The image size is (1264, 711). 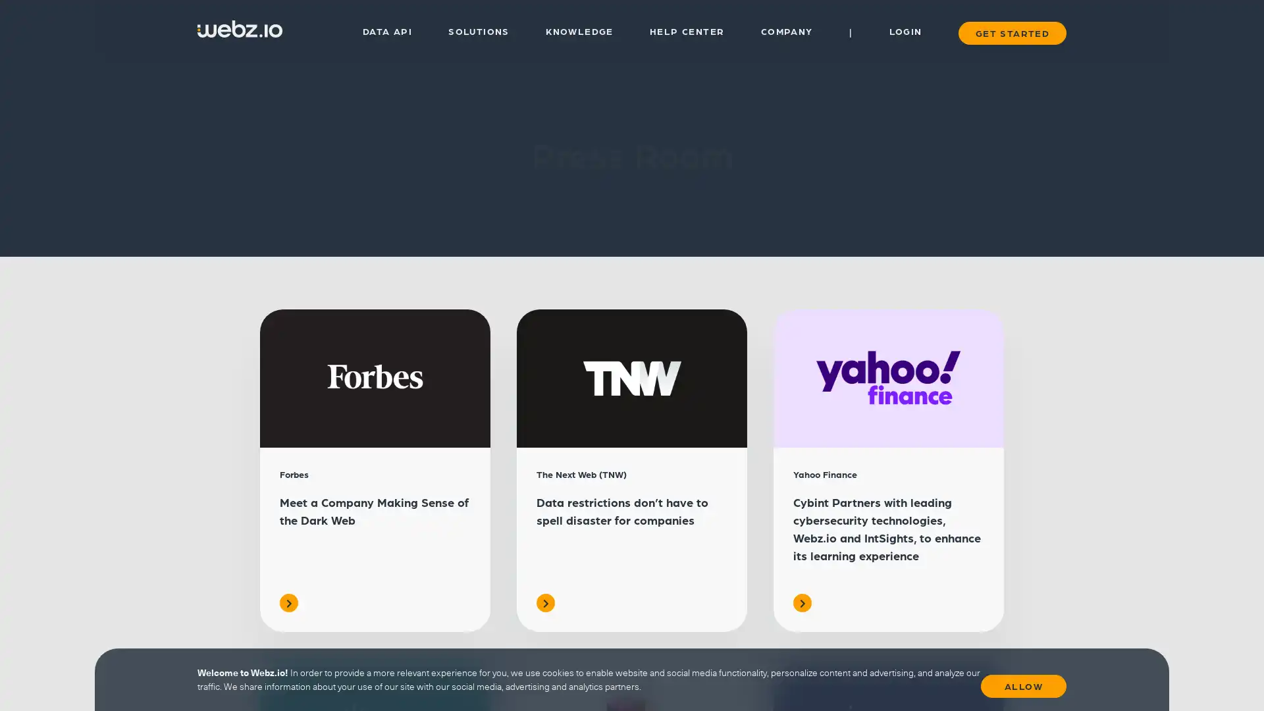 What do you see at coordinates (1023, 683) in the screenshot?
I see `ALLOW` at bounding box center [1023, 683].